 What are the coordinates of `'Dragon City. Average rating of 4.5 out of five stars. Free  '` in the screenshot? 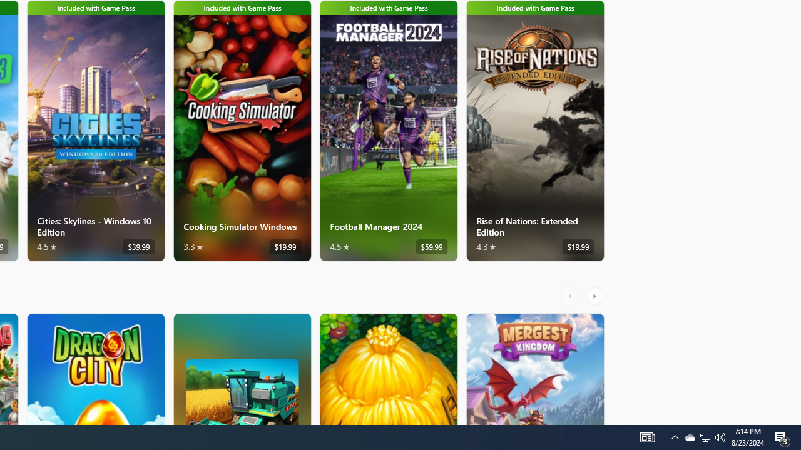 It's located at (94, 368).